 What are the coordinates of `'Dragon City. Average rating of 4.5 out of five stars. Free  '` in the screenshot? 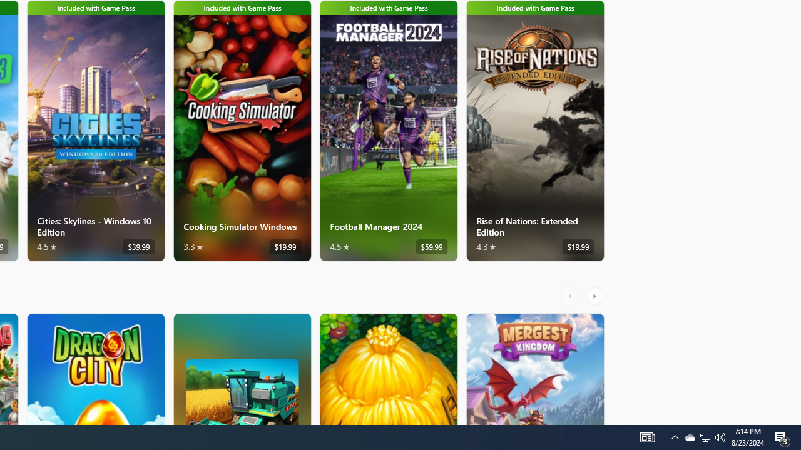 It's located at (94, 368).